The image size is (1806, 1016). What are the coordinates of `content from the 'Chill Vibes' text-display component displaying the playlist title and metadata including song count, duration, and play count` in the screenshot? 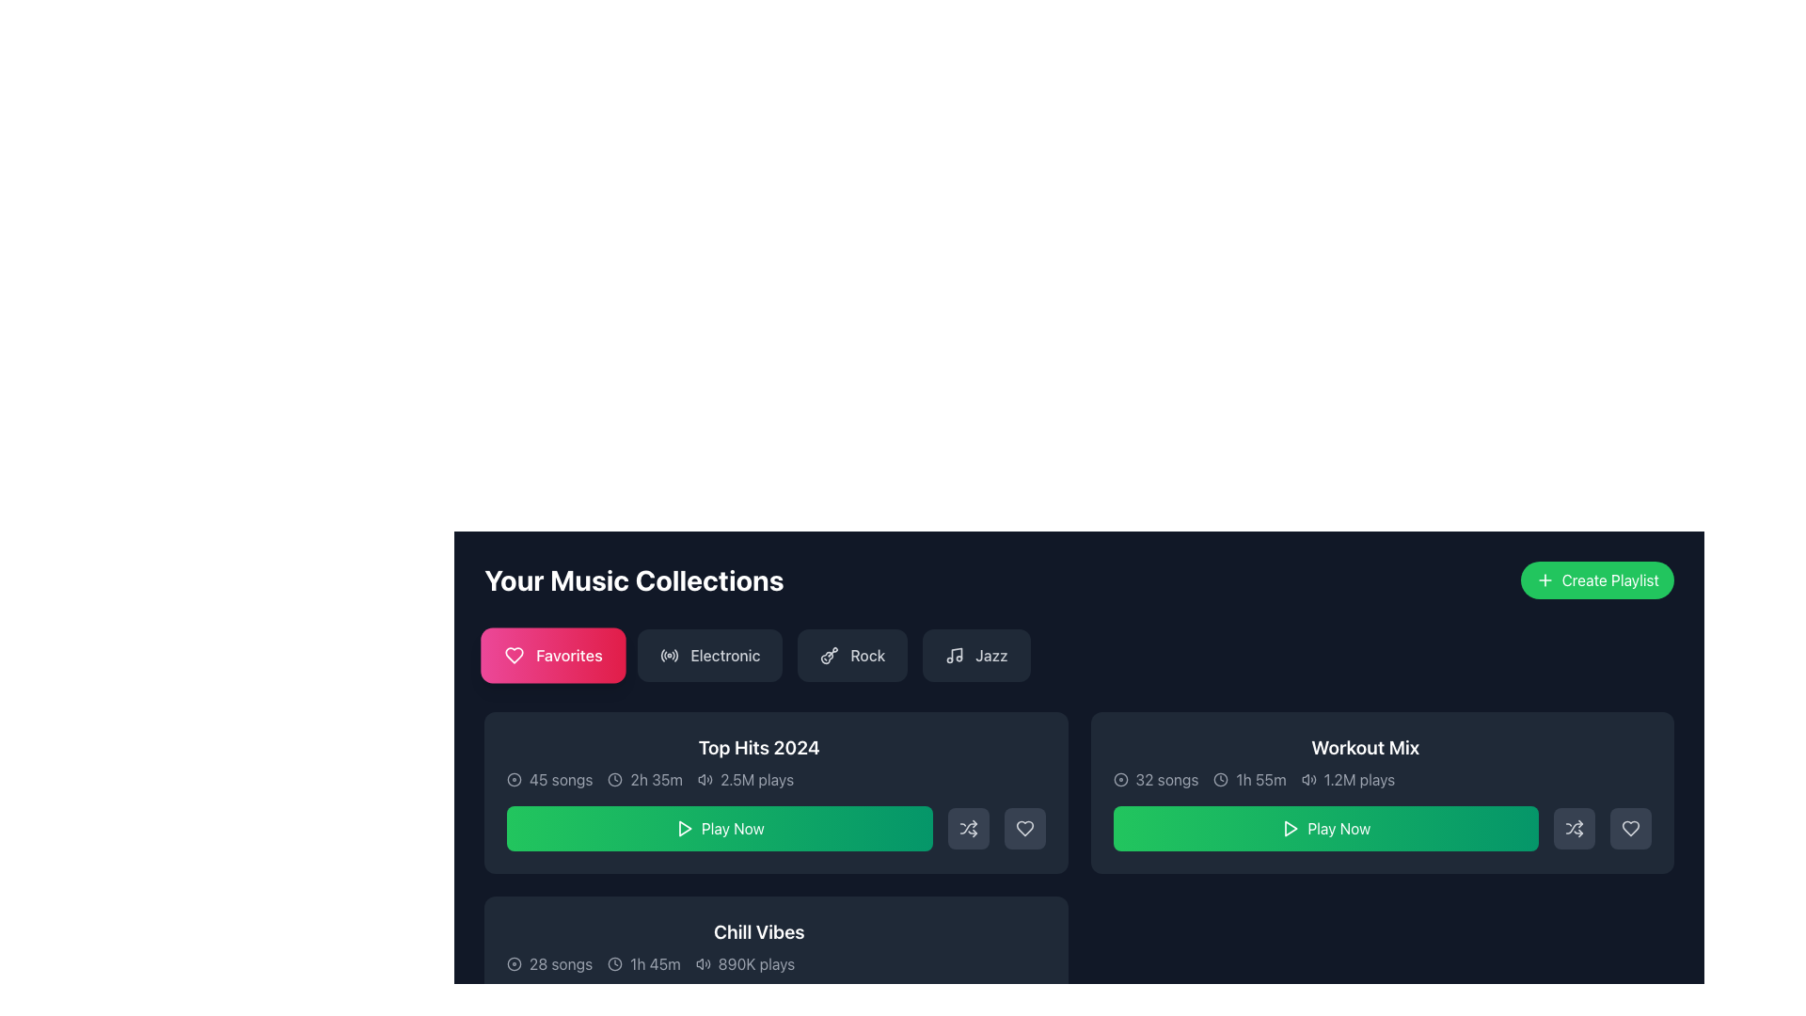 It's located at (776, 946).